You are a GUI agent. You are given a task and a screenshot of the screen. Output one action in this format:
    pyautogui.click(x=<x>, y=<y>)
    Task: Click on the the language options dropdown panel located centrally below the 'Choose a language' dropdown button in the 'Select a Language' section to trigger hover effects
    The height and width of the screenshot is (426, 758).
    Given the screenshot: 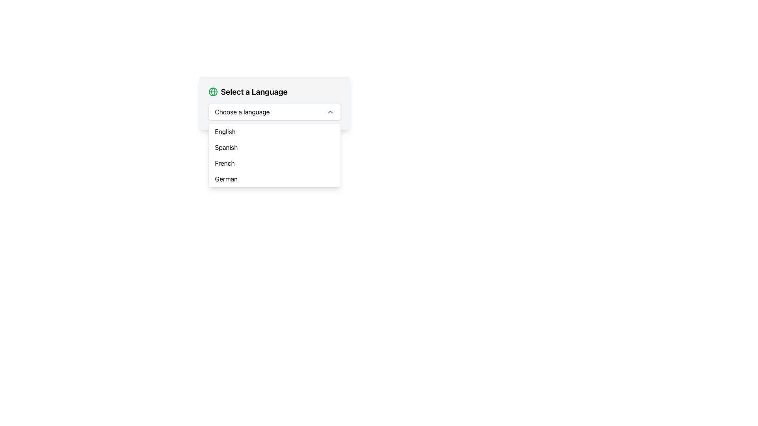 What is the action you would take?
    pyautogui.click(x=274, y=155)
    